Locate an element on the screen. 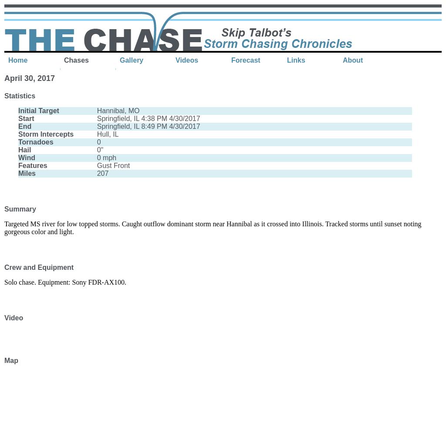  'About' is located at coordinates (352, 60).